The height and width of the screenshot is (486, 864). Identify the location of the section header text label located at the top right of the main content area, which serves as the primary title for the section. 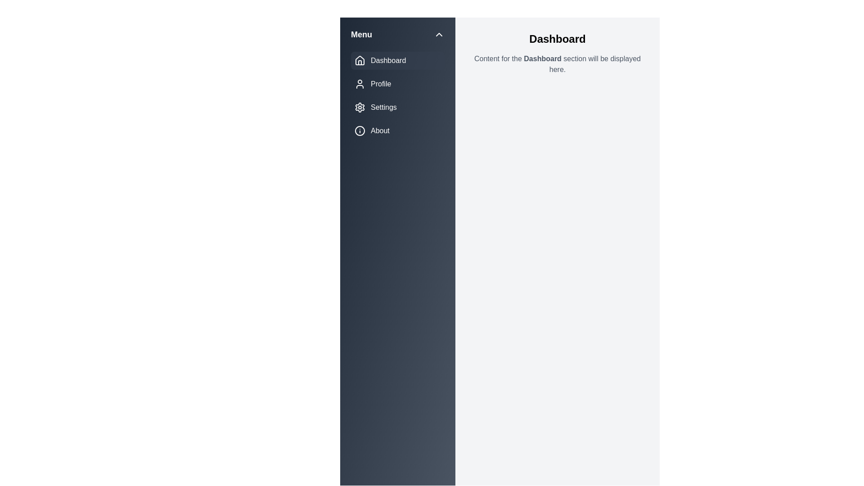
(557, 39).